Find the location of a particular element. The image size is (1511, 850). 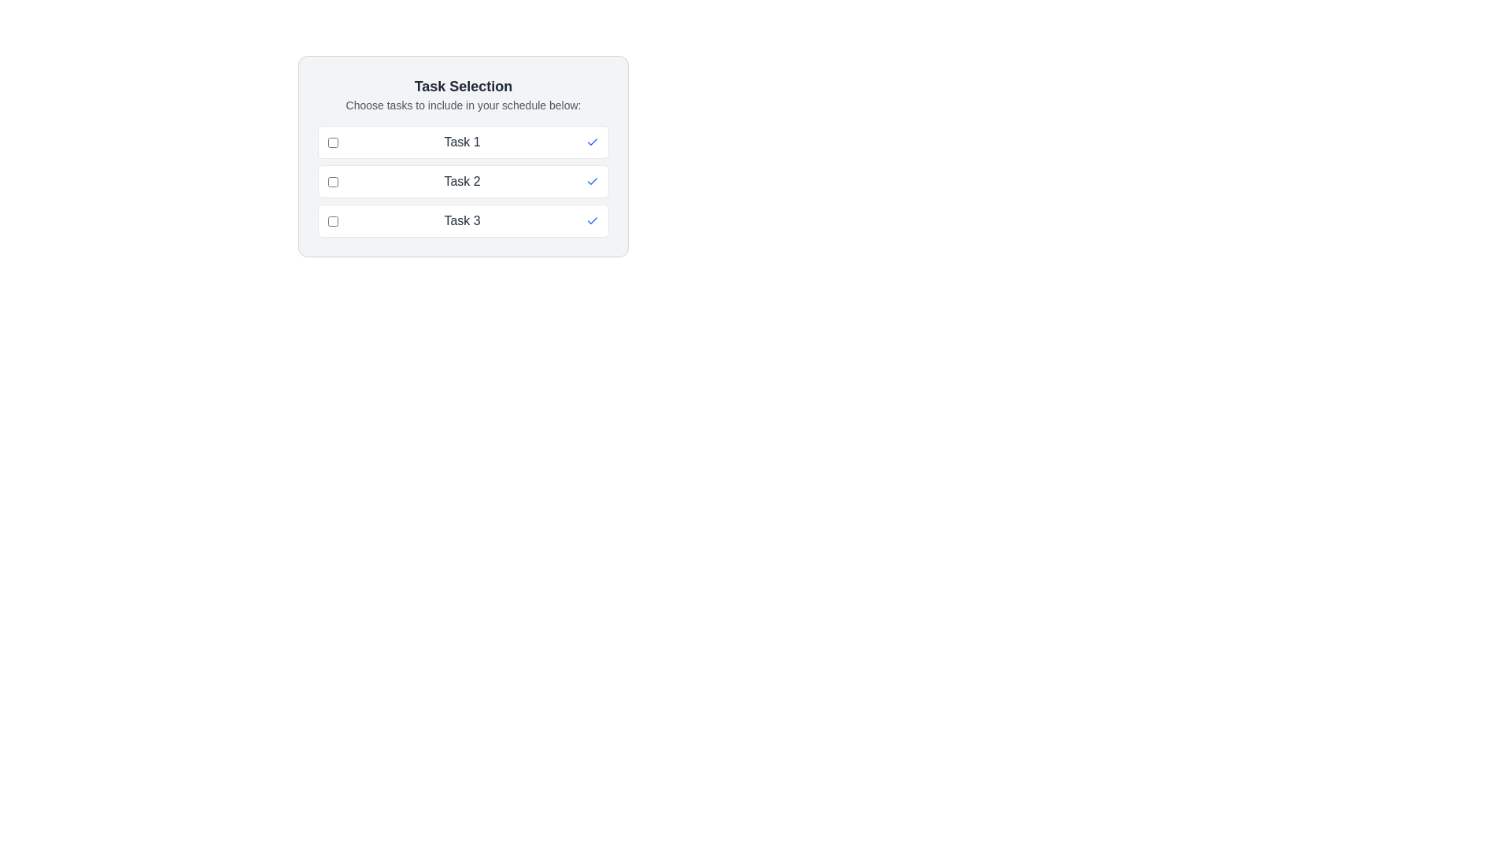

the header text element labeled 'Task Selection', which is styled in bold with a large font size and is centered within a light gray box with rounded corners is located at coordinates (463, 87).